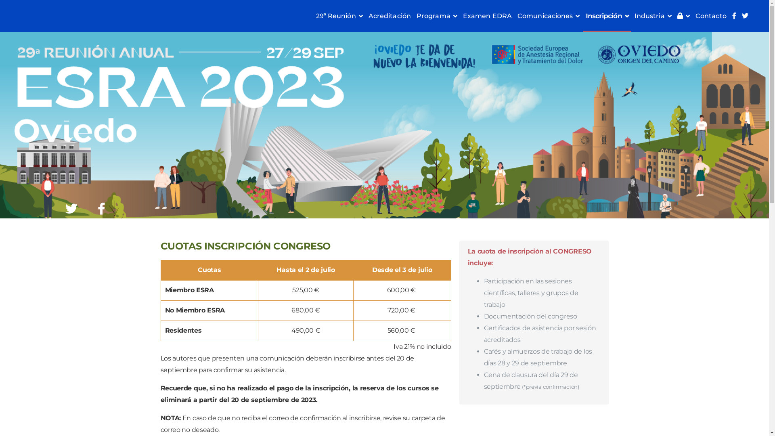 The image size is (775, 436). What do you see at coordinates (101, 208) in the screenshot?
I see `'Icon group item'` at bounding box center [101, 208].